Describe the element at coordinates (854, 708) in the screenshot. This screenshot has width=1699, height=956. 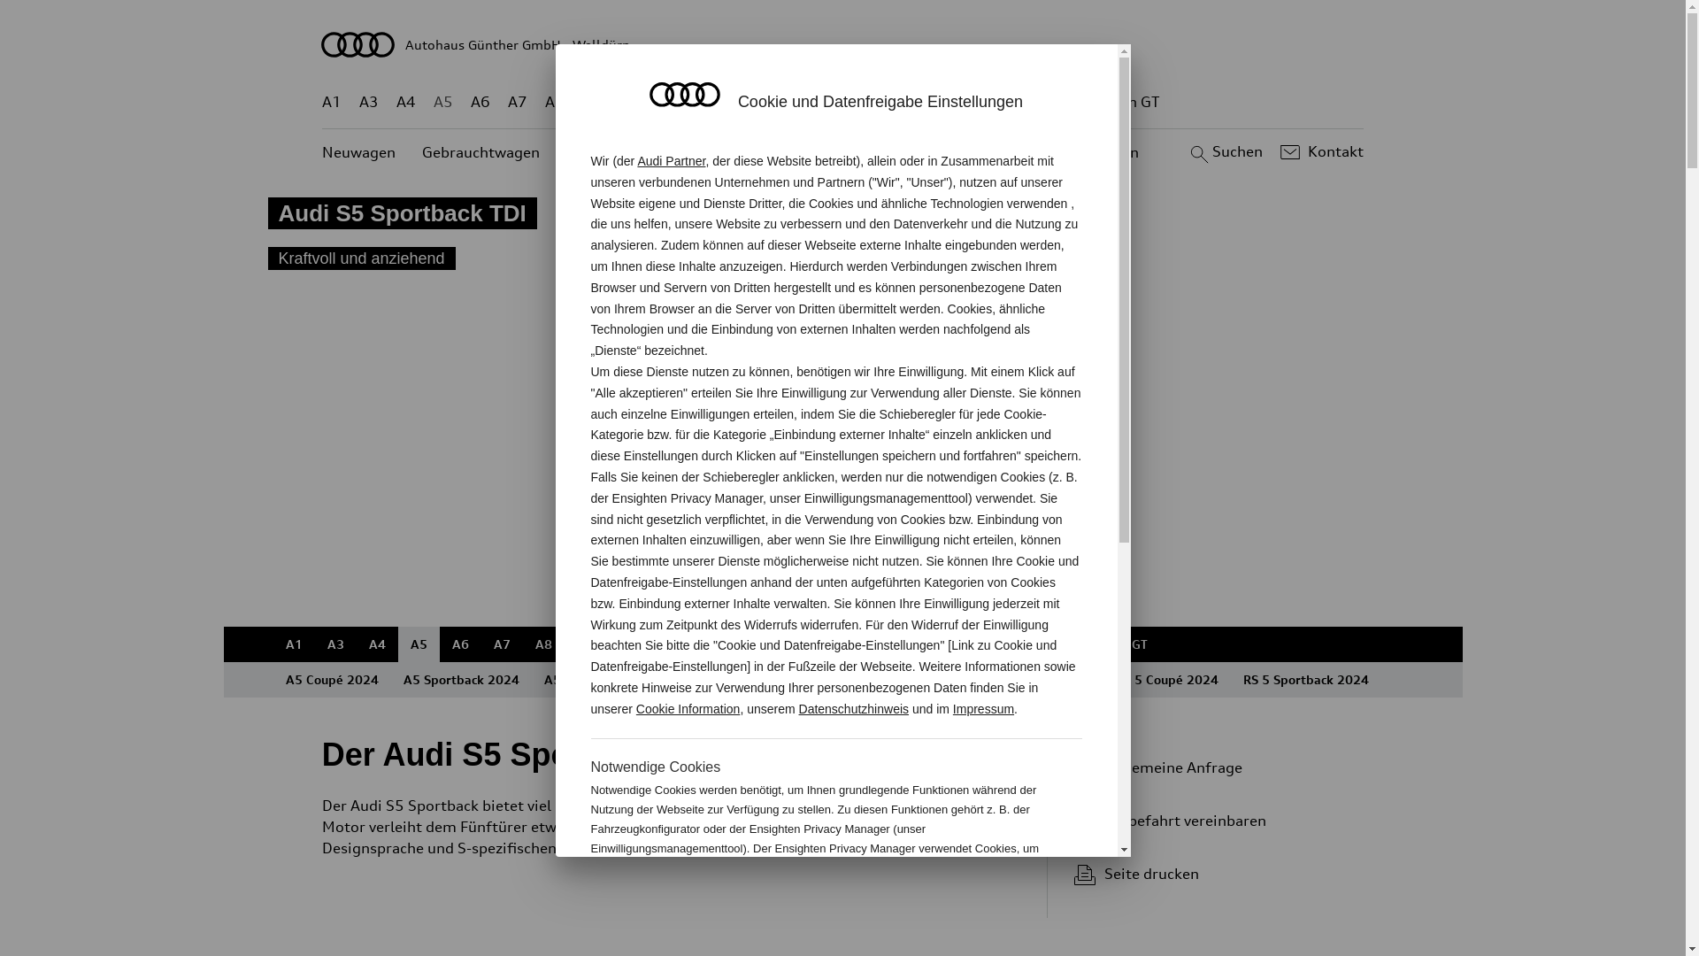
I see `'Datenschutzhinweis'` at that location.